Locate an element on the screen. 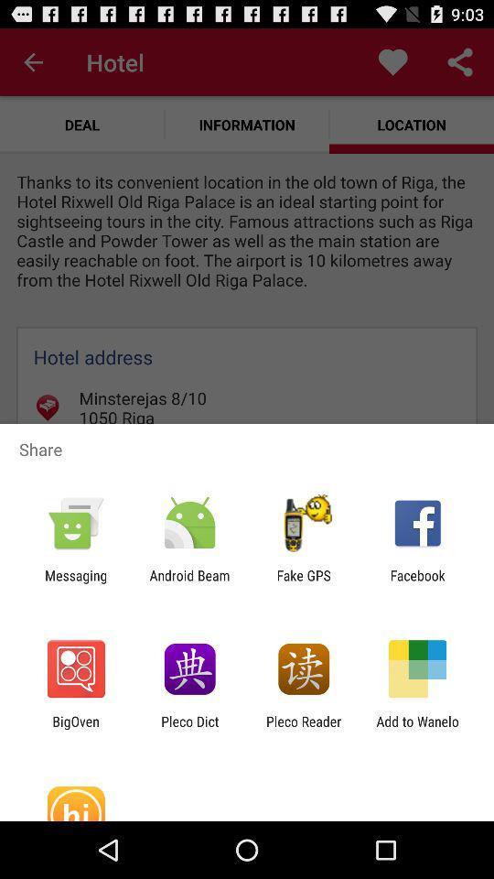  messaging app is located at coordinates (75, 582).